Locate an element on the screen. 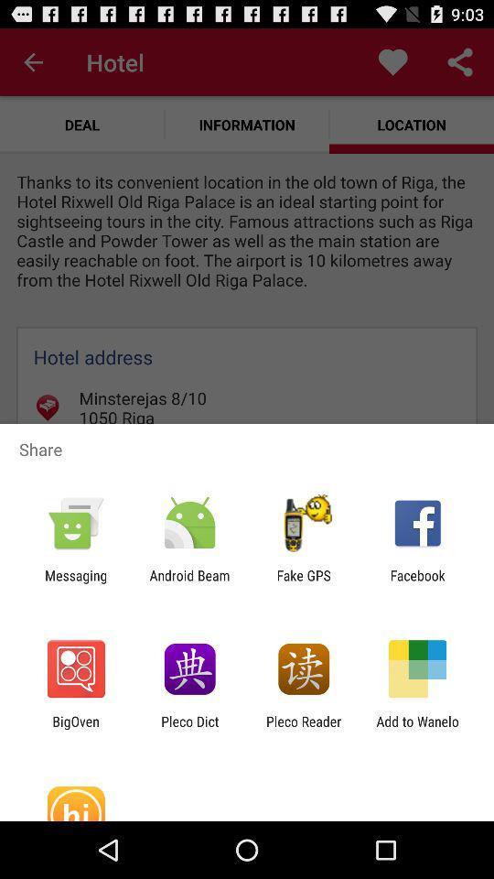  messaging app is located at coordinates (75, 582).